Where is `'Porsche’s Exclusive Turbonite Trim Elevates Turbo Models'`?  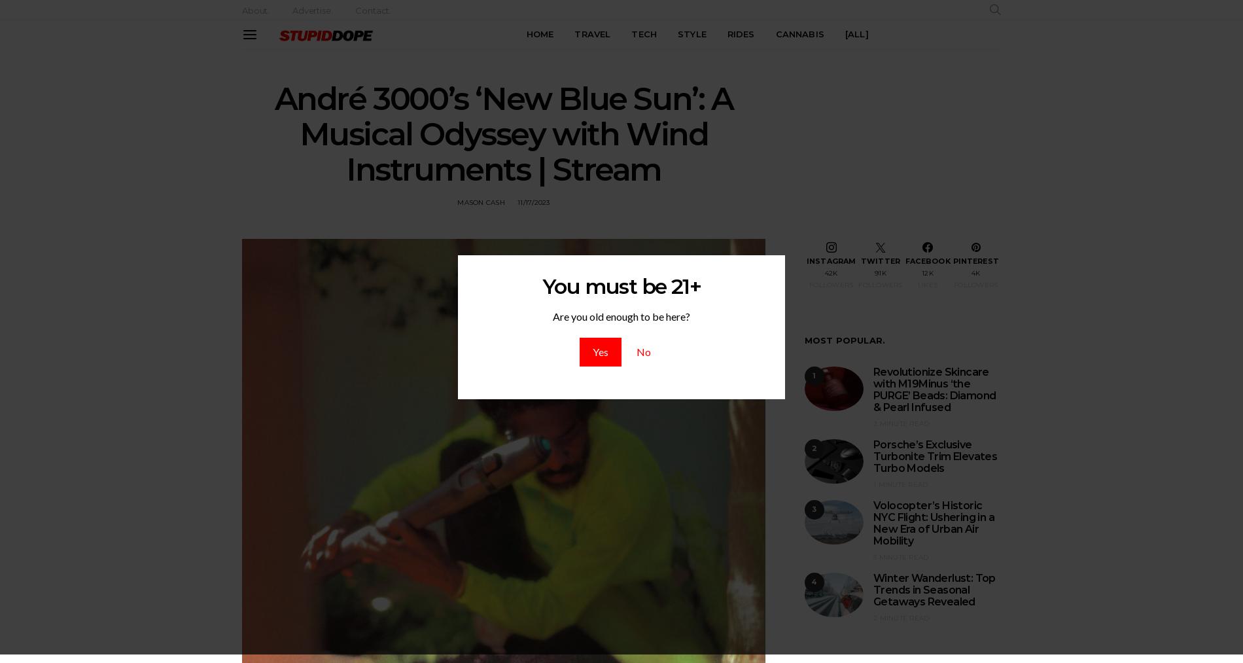 'Porsche’s Exclusive Turbonite Trim Elevates Turbo Models' is located at coordinates (935, 456).